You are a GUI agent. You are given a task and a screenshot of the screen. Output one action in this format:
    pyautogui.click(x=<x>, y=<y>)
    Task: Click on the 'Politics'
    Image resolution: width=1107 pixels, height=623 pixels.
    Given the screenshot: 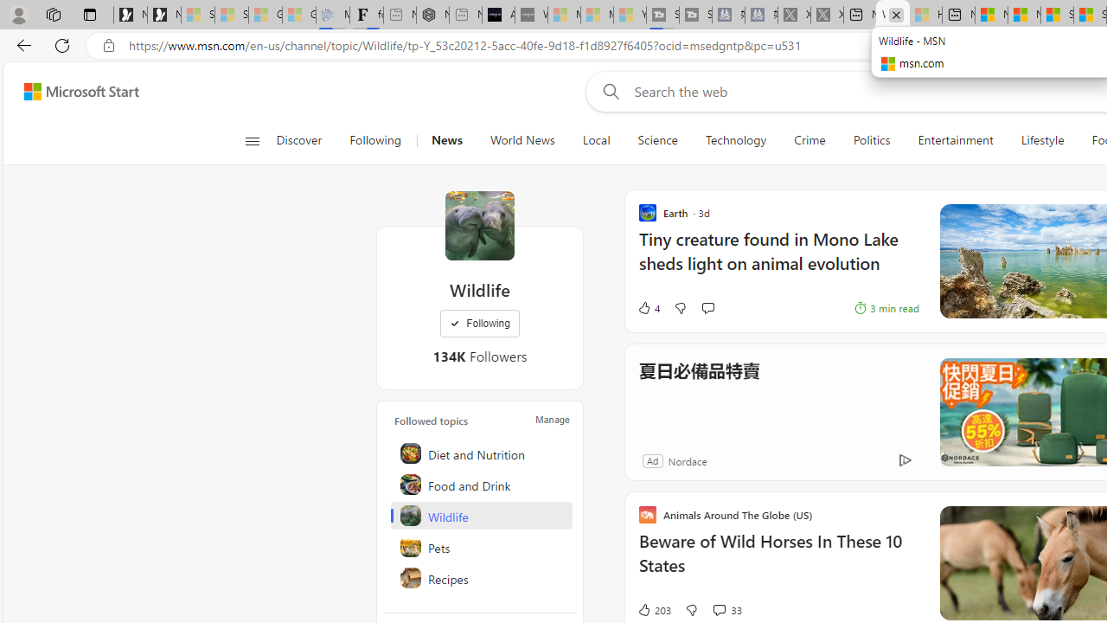 What is the action you would take?
    pyautogui.click(x=872, y=140)
    